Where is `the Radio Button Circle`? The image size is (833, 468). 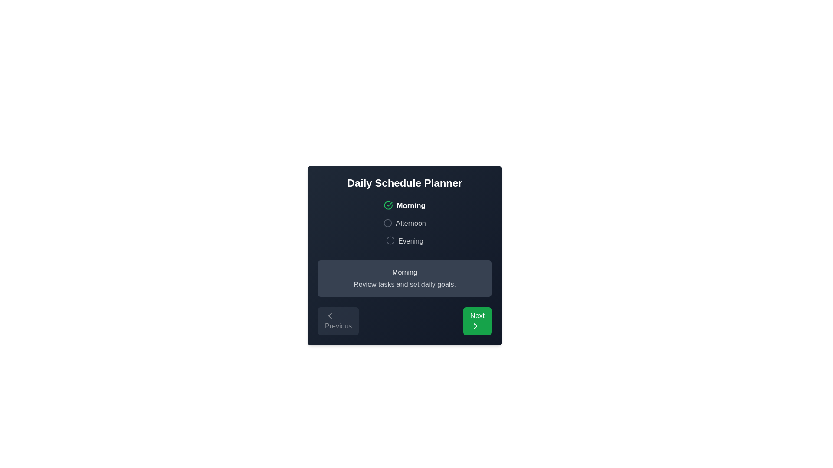
the Radio Button Circle is located at coordinates (387, 222).